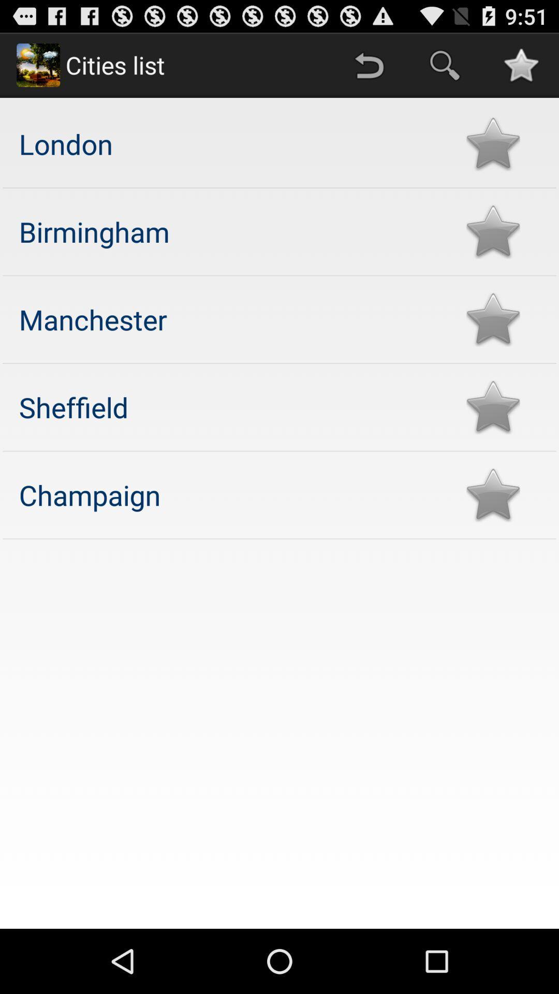 The width and height of the screenshot is (559, 994). What do you see at coordinates (232, 318) in the screenshot?
I see `manchester icon` at bounding box center [232, 318].